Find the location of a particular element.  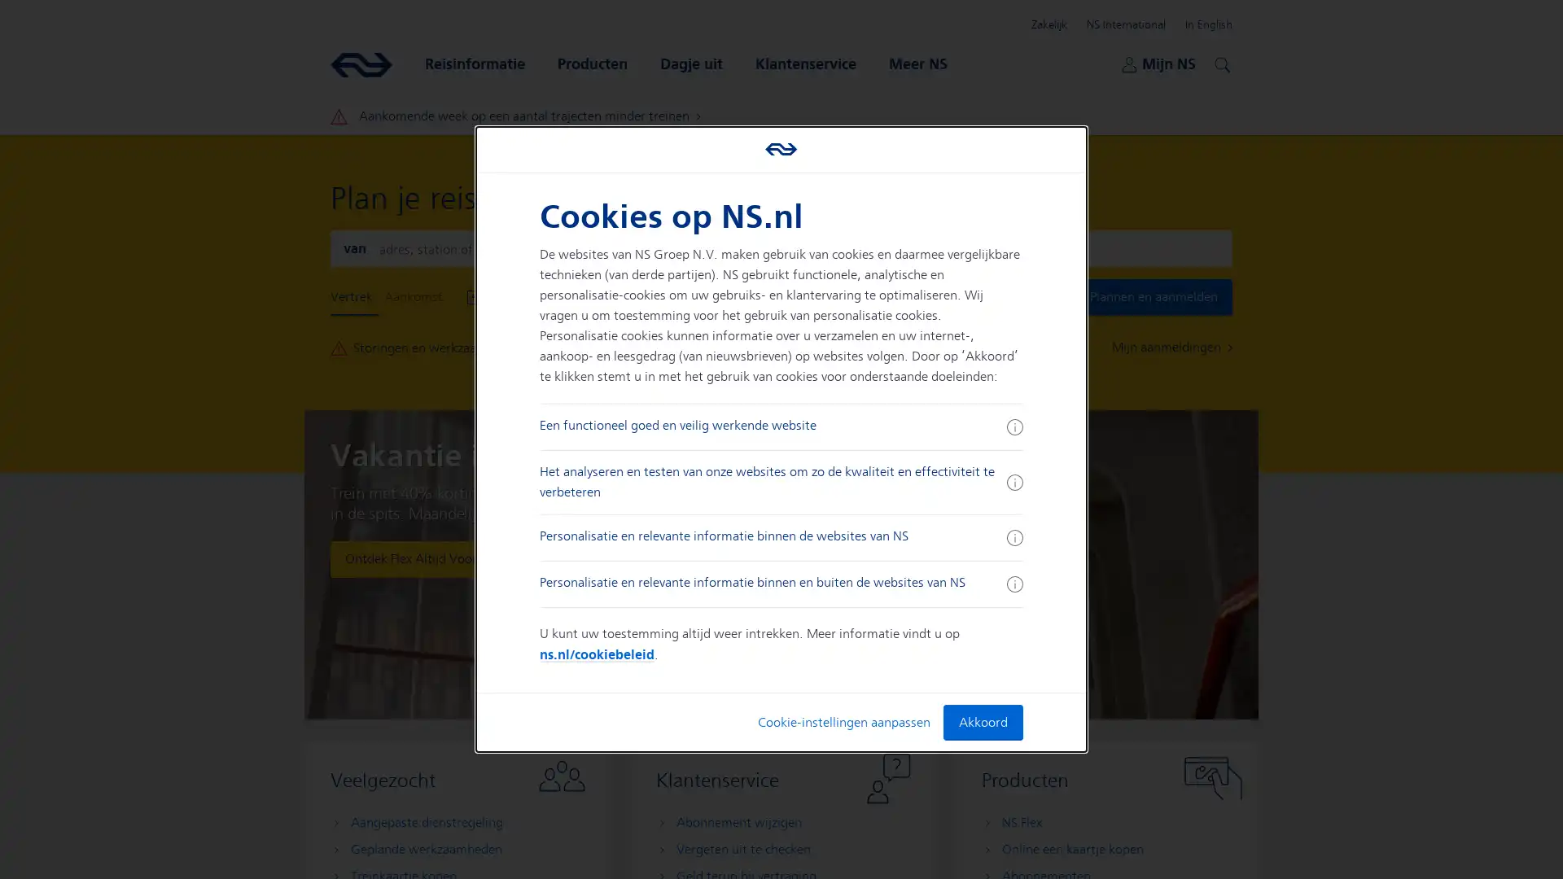

Meer NS Open submenu is located at coordinates (918, 63).